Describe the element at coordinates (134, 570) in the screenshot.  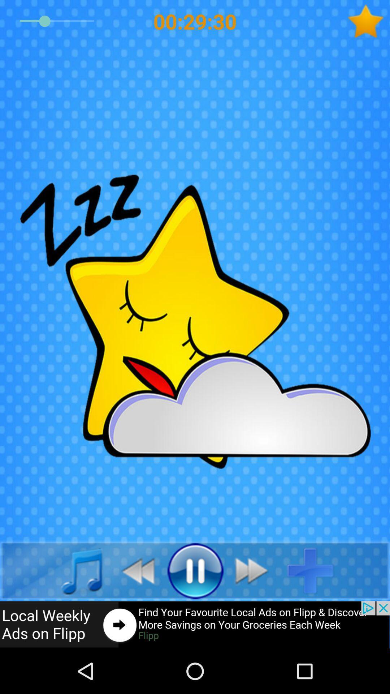
I see `previous option` at that location.